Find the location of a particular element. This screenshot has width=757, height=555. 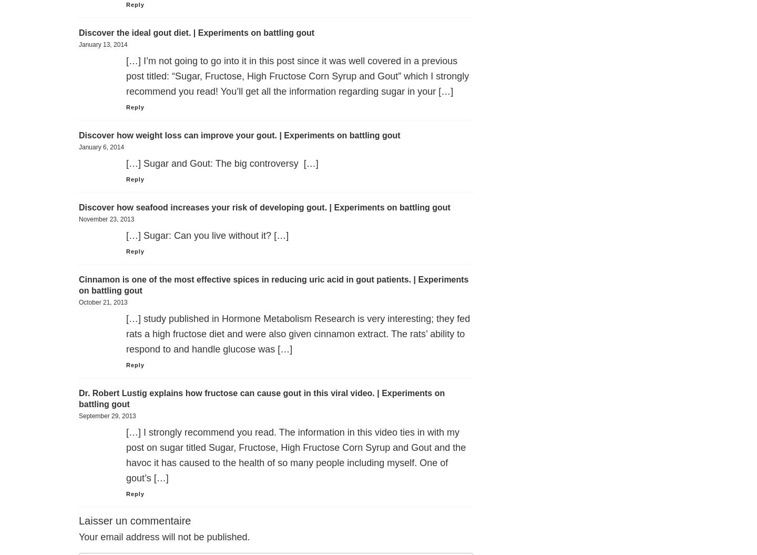

'November 23, 2013' is located at coordinates (106, 219).